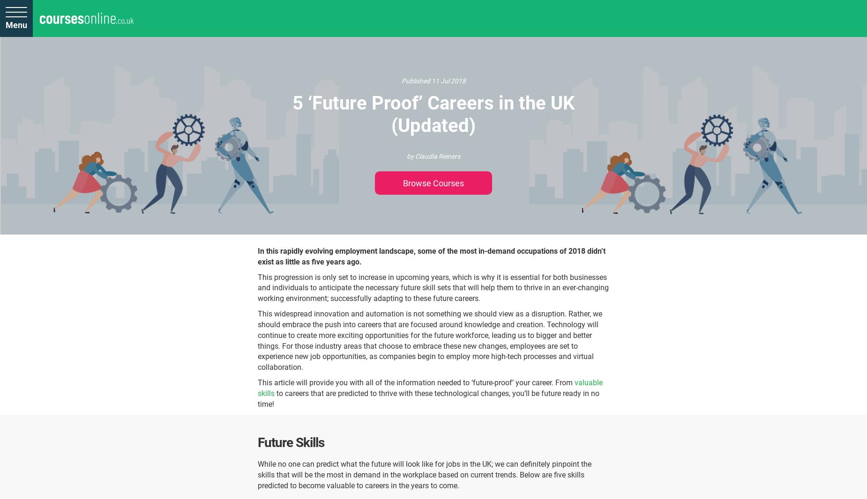 This screenshot has height=499, width=867. Describe the element at coordinates (15, 24) in the screenshot. I see `'Menu'` at that location.